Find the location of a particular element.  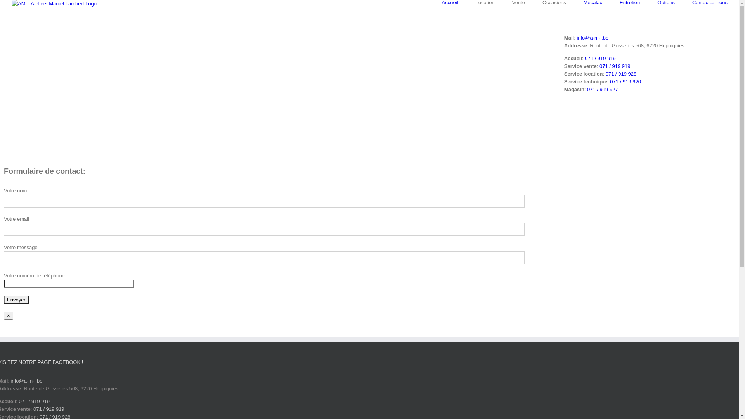

'Options' is located at coordinates (665, 2).